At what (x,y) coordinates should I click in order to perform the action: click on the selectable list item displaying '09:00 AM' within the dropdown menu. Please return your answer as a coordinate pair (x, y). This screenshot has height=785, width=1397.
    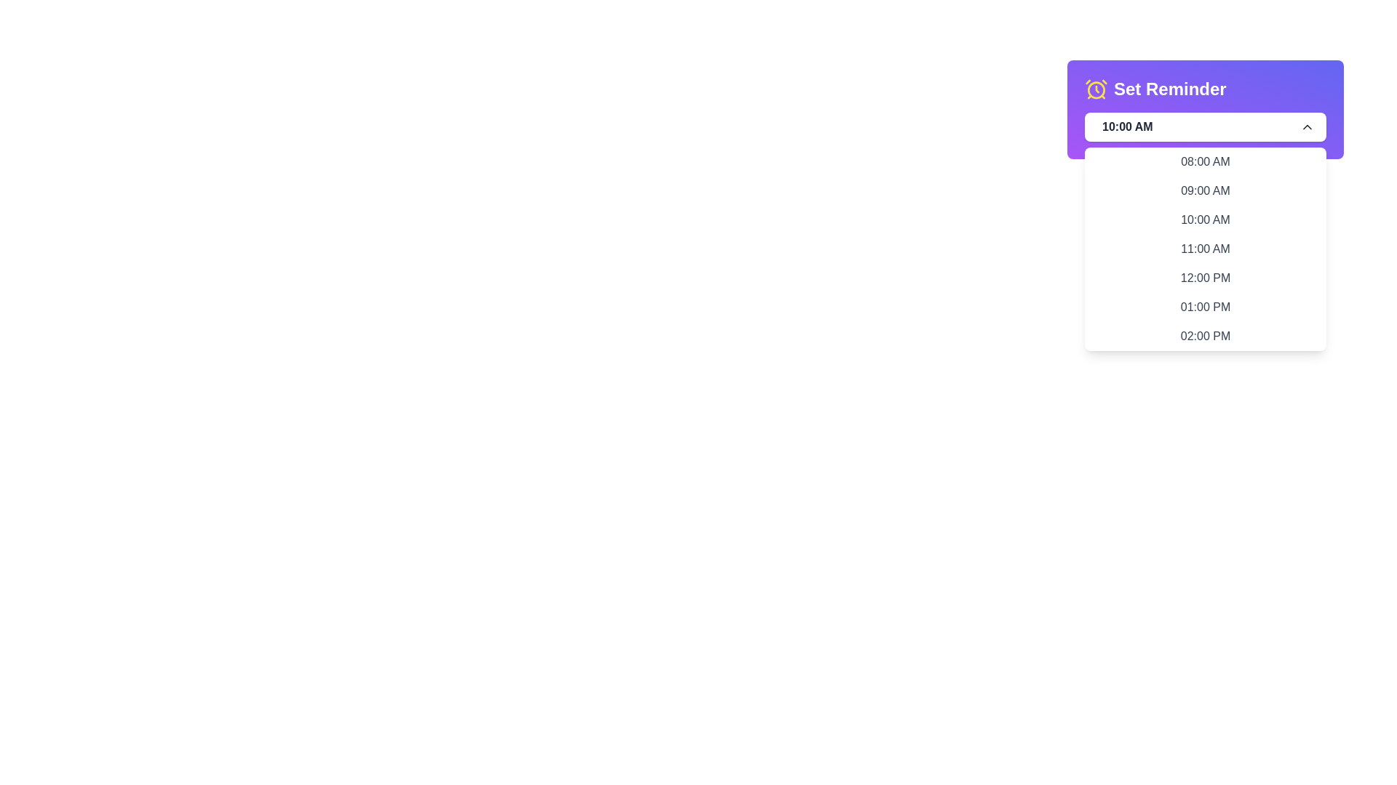
    Looking at the image, I should click on (1205, 190).